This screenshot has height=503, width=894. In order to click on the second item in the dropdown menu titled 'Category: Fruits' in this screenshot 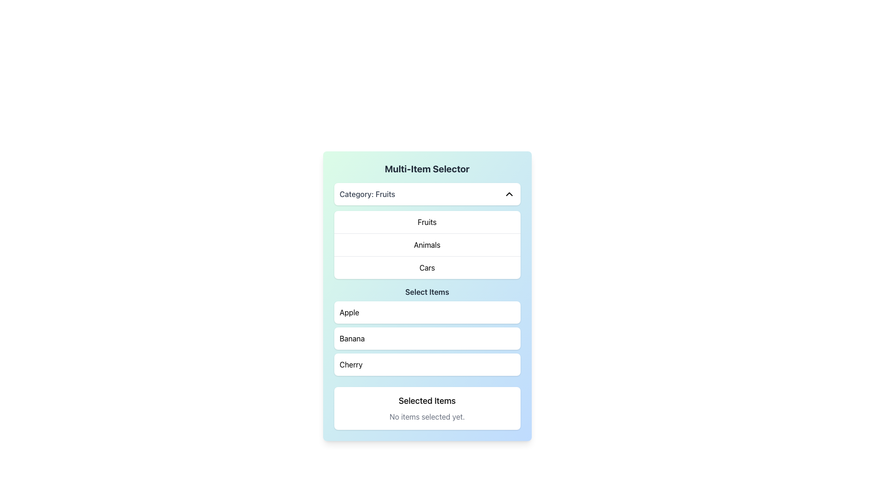, I will do `click(427, 244)`.